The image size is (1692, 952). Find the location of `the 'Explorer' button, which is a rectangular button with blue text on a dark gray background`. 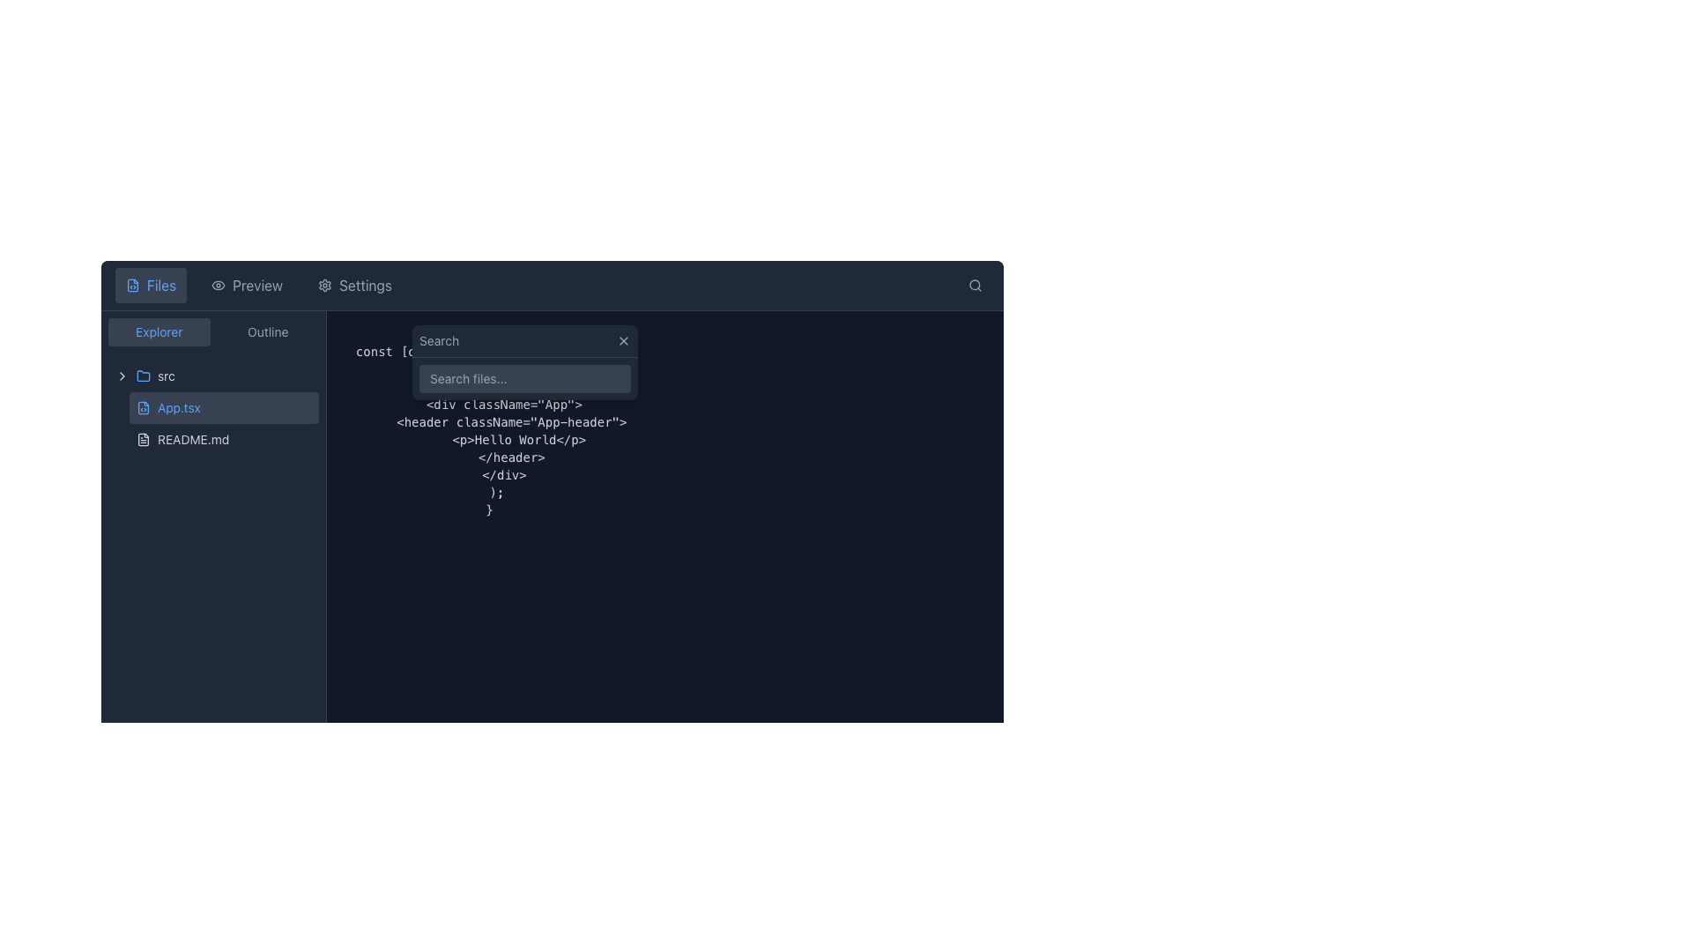

the 'Explorer' button, which is a rectangular button with blue text on a dark gray background is located at coordinates (159, 332).